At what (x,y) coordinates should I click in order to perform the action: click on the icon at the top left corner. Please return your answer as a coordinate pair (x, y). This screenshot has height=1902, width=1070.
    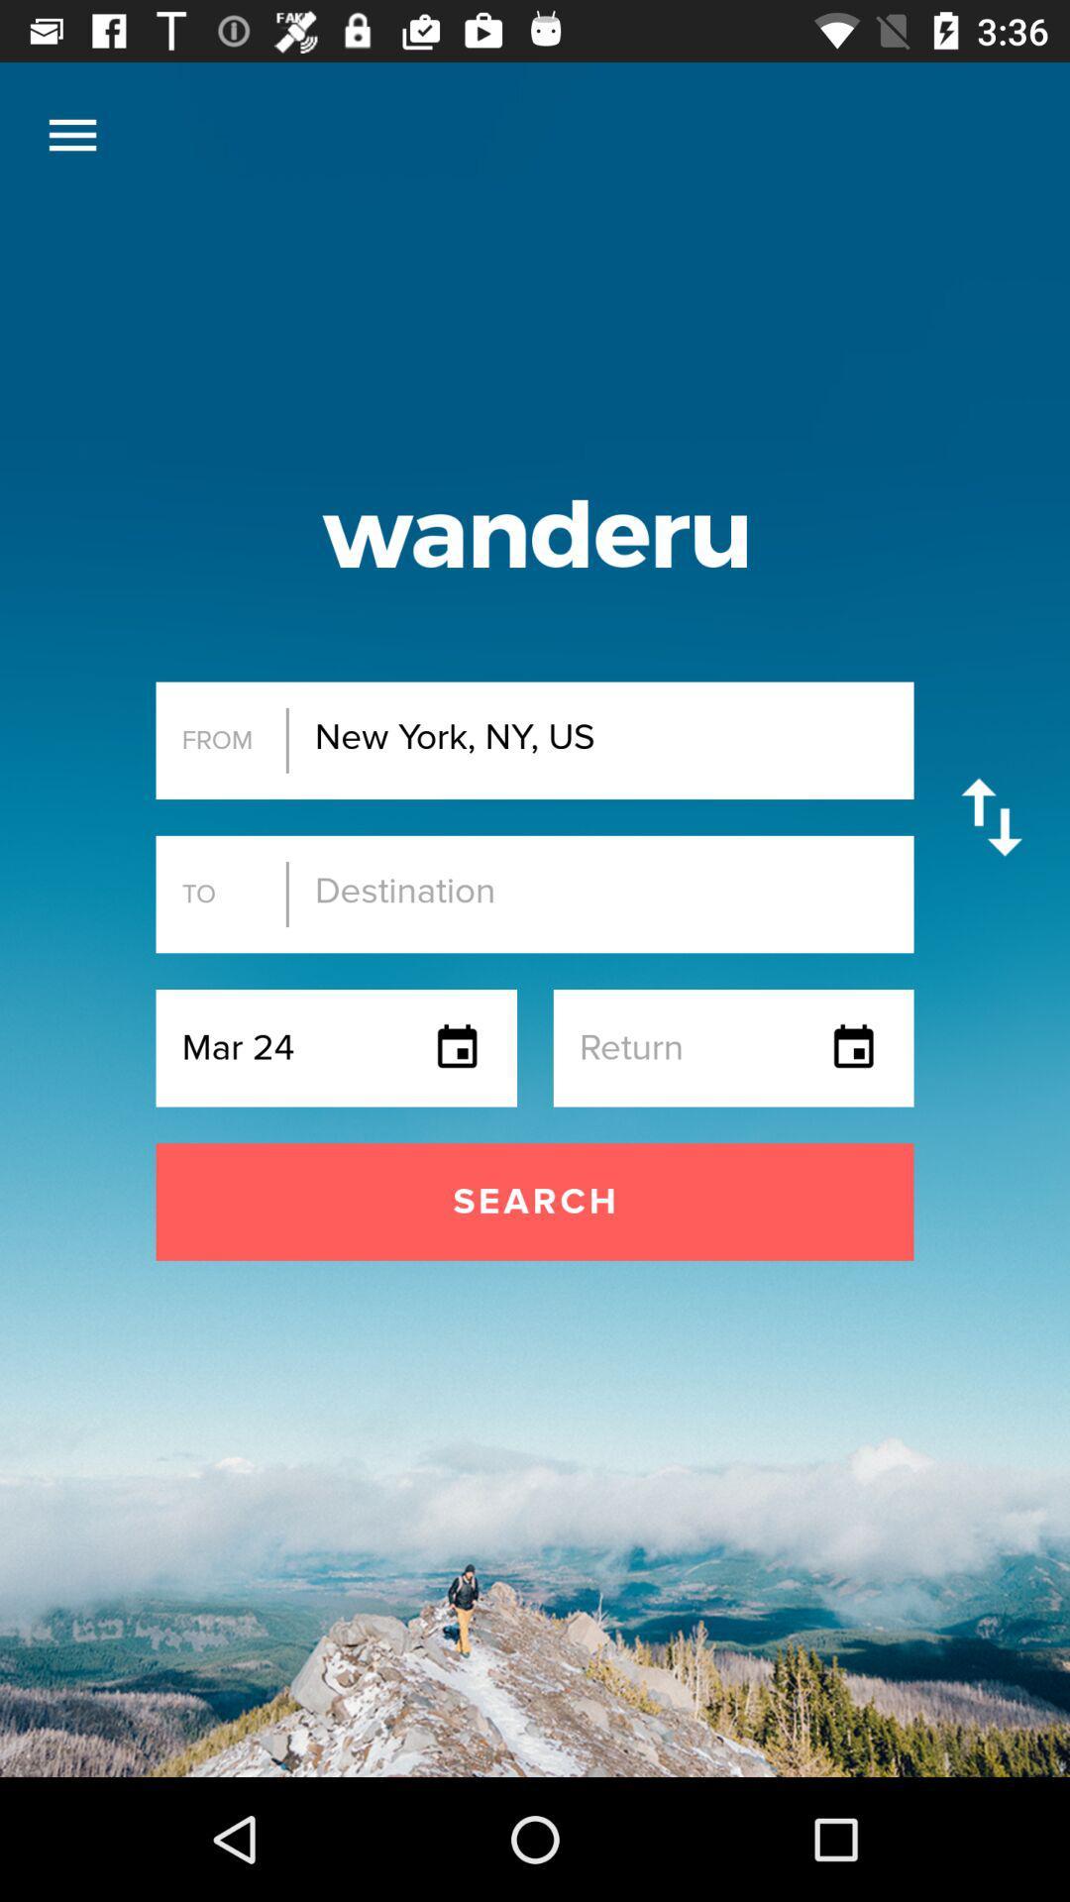
    Looking at the image, I should click on (71, 134).